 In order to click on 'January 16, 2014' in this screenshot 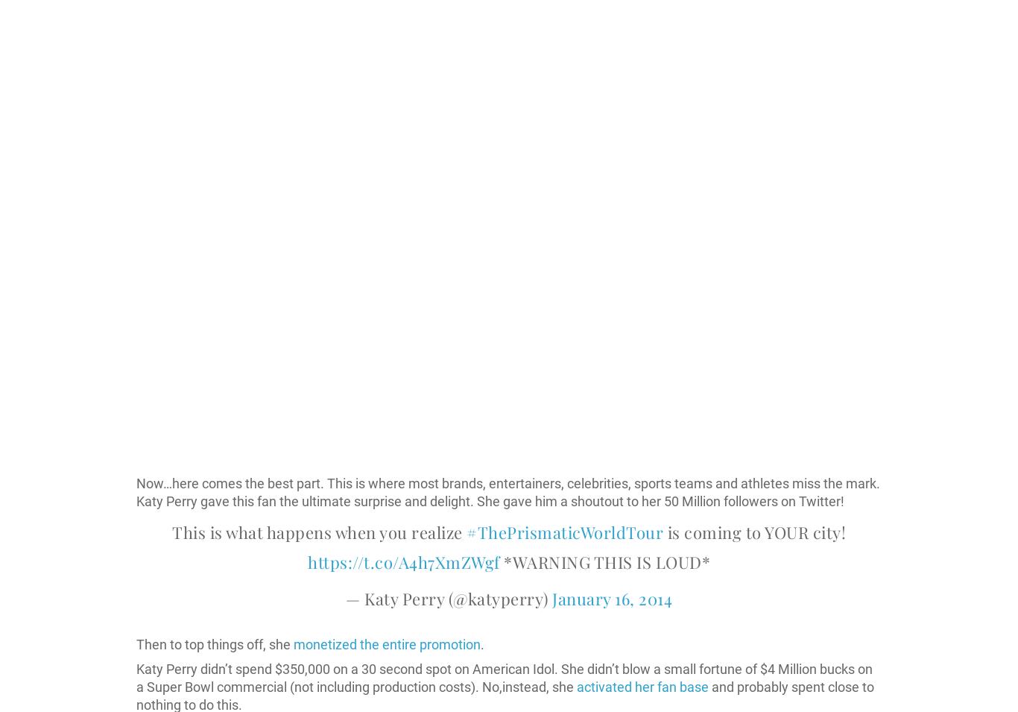, I will do `click(611, 598)`.